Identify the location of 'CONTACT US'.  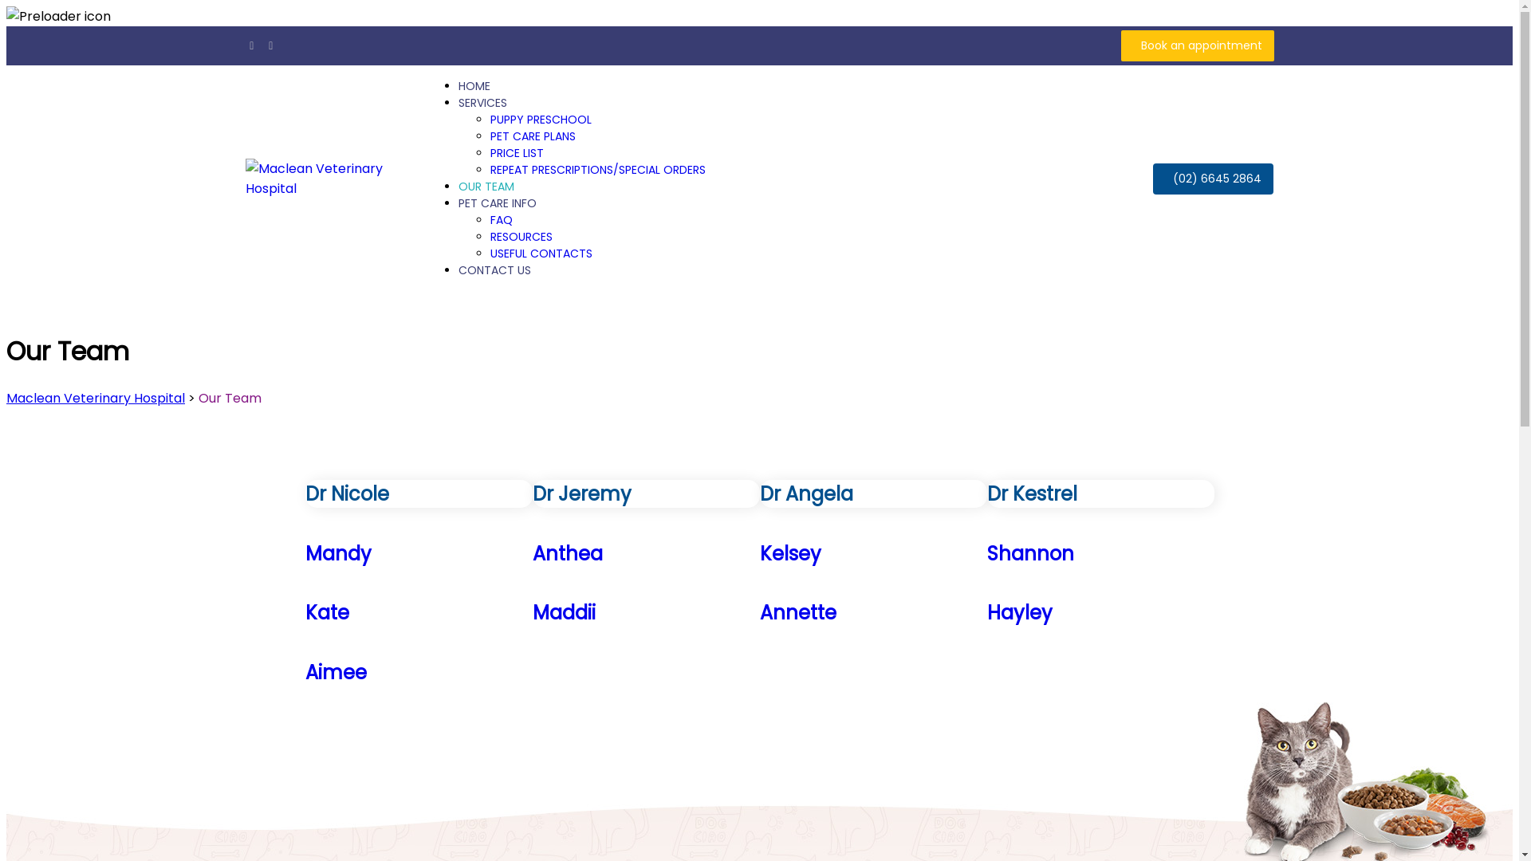
(494, 269).